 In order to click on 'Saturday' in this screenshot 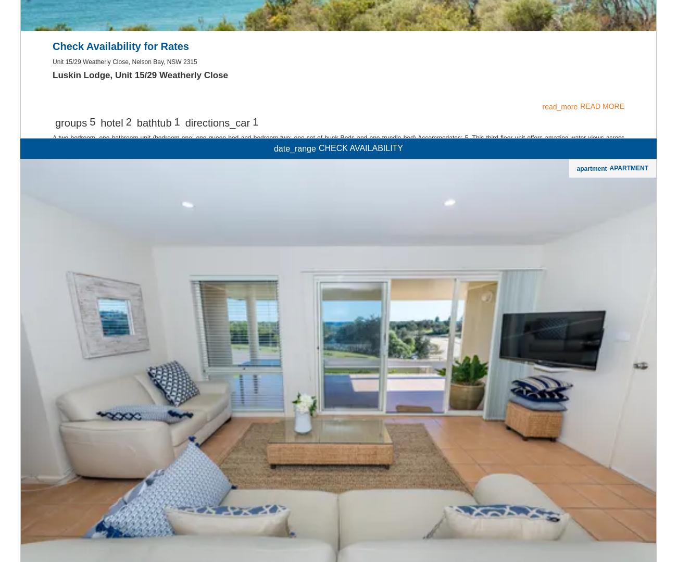, I will do `click(16, 297)`.